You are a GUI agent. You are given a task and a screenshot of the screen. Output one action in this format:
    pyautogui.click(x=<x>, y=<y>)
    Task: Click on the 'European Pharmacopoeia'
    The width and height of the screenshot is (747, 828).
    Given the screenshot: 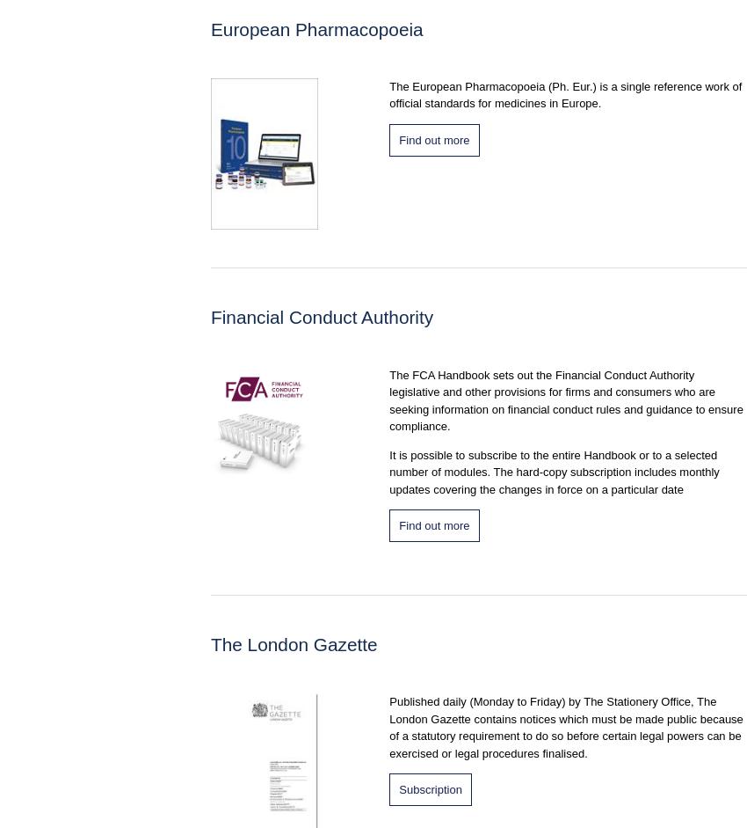 What is the action you would take?
    pyautogui.click(x=315, y=28)
    